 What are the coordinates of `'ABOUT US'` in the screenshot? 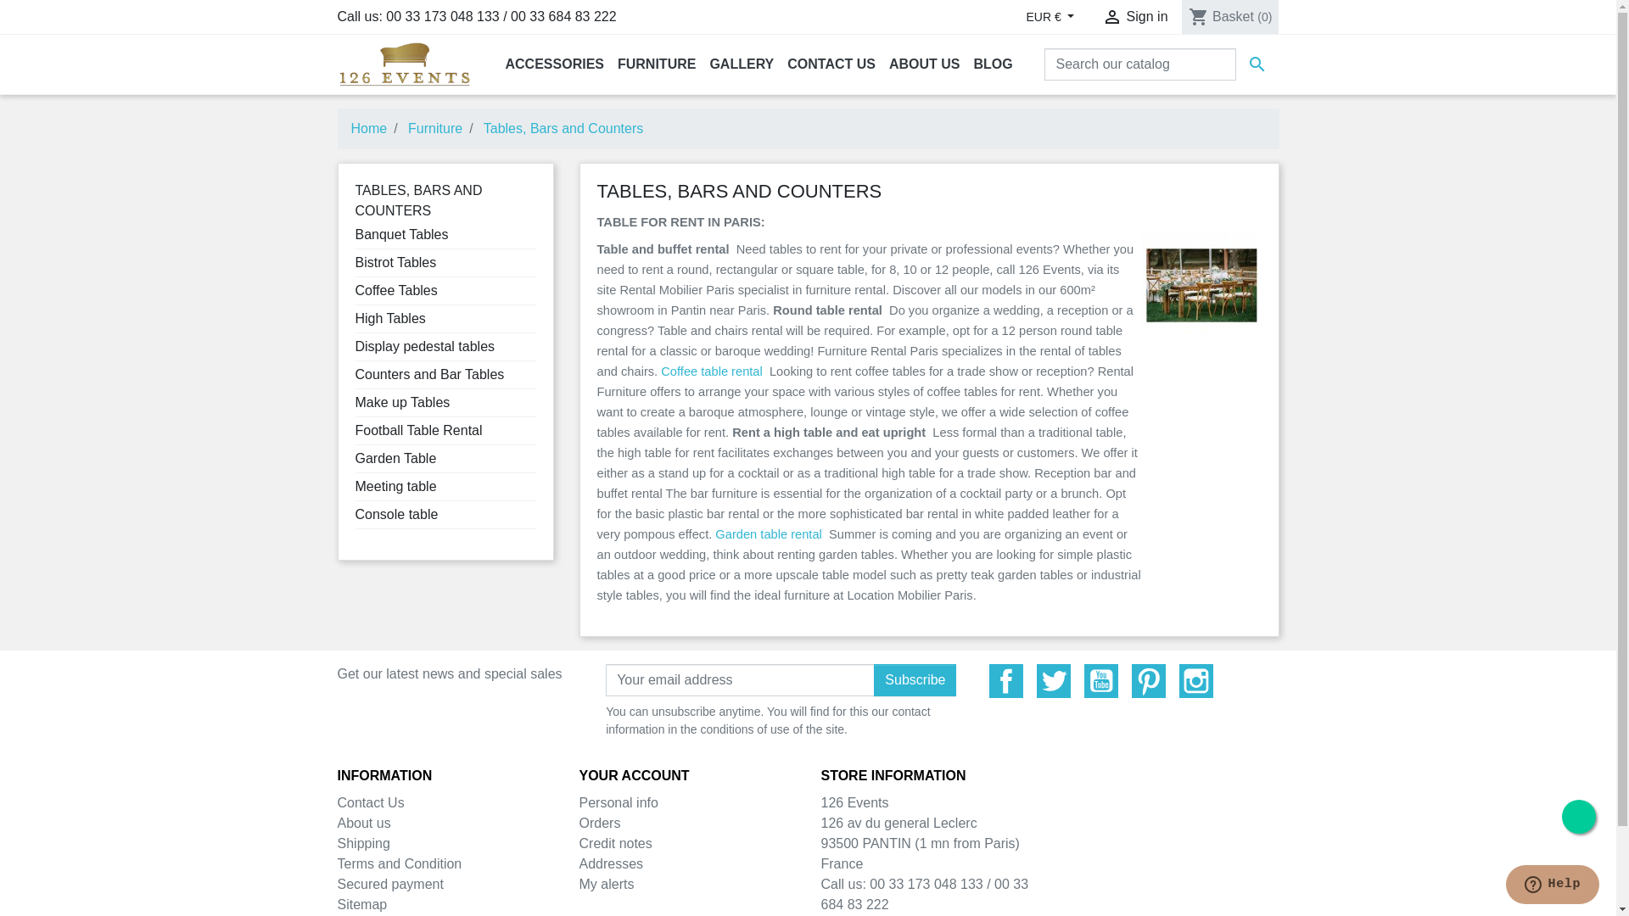 It's located at (923, 64).